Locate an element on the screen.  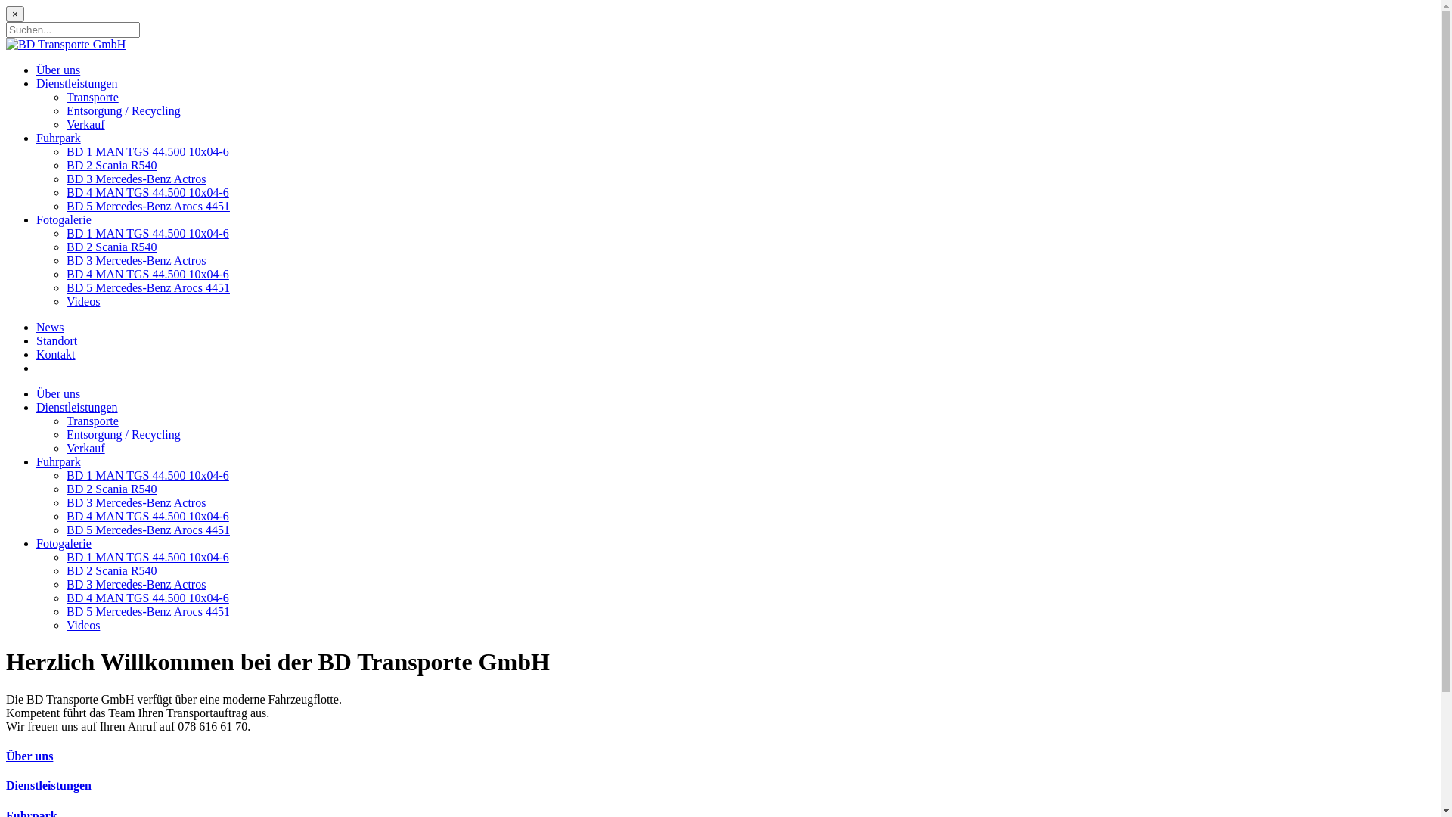
'Fotogalerie' is located at coordinates (63, 219).